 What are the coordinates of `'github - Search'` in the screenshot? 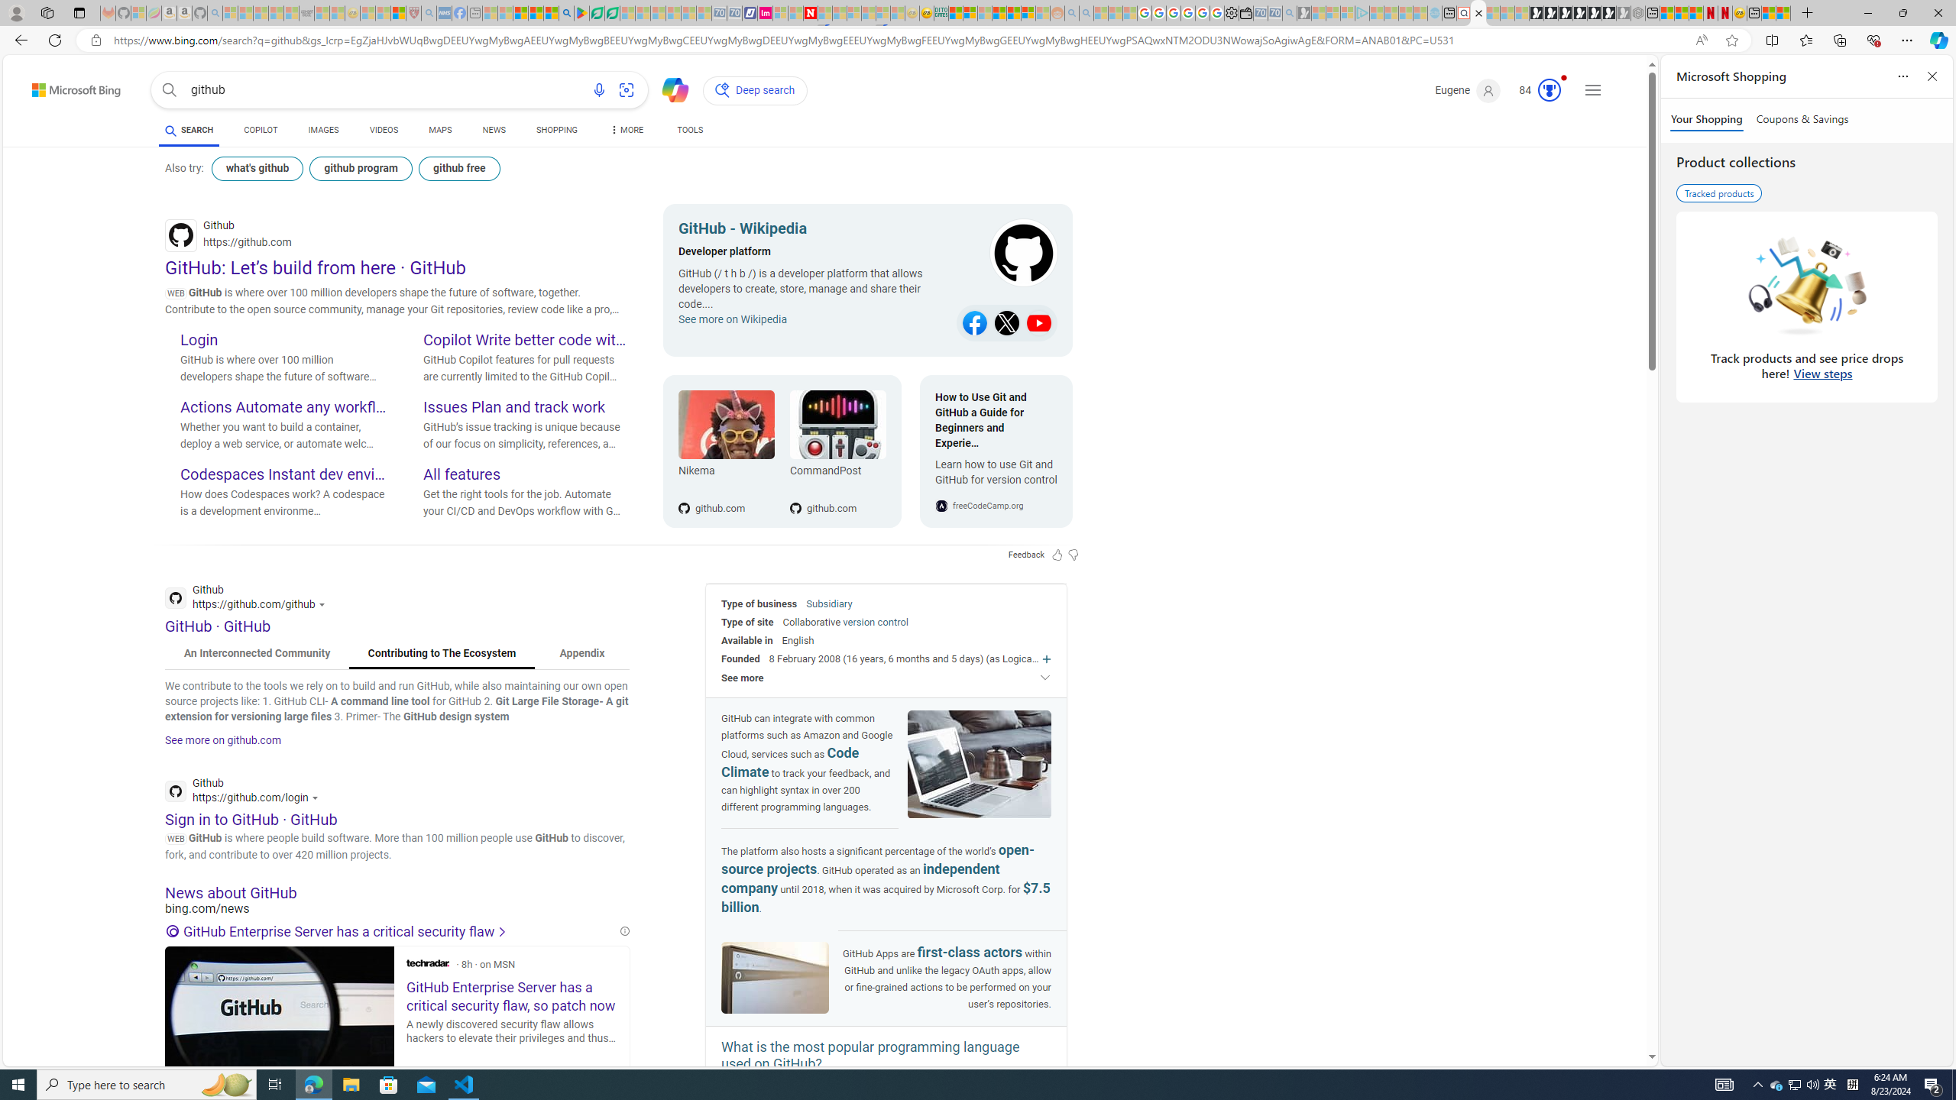 It's located at (1478, 12).